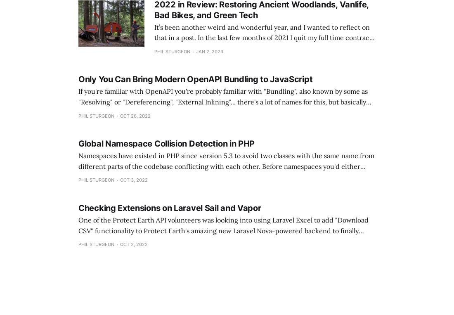 This screenshot has width=454, height=315. Describe the element at coordinates (226, 171) in the screenshot. I see `'Namespaces have existed in PHP since version 5.3 to avoid two classes with the same name from different parts of the codebase conflicting with each other. Before namespaces you'd either hope it wasn't an issue, or name everything something horrendous like Acme_ModuleName_DirectoryName_ClassName. Nobody needs to tell'` at that location.